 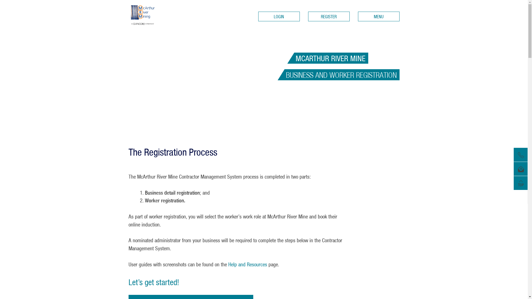 What do you see at coordinates (152, 14) in the screenshot?
I see `'Glencore Contractors'` at bounding box center [152, 14].